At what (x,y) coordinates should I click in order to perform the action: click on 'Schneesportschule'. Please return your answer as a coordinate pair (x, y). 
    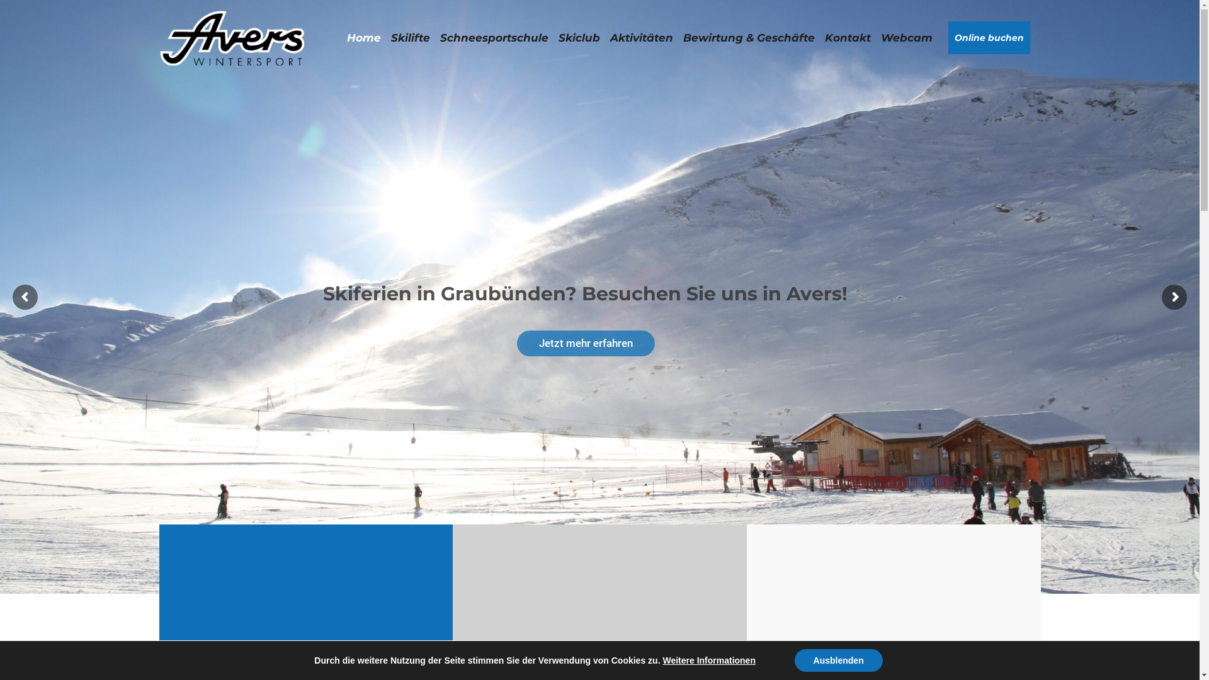
    Looking at the image, I should click on (492, 37).